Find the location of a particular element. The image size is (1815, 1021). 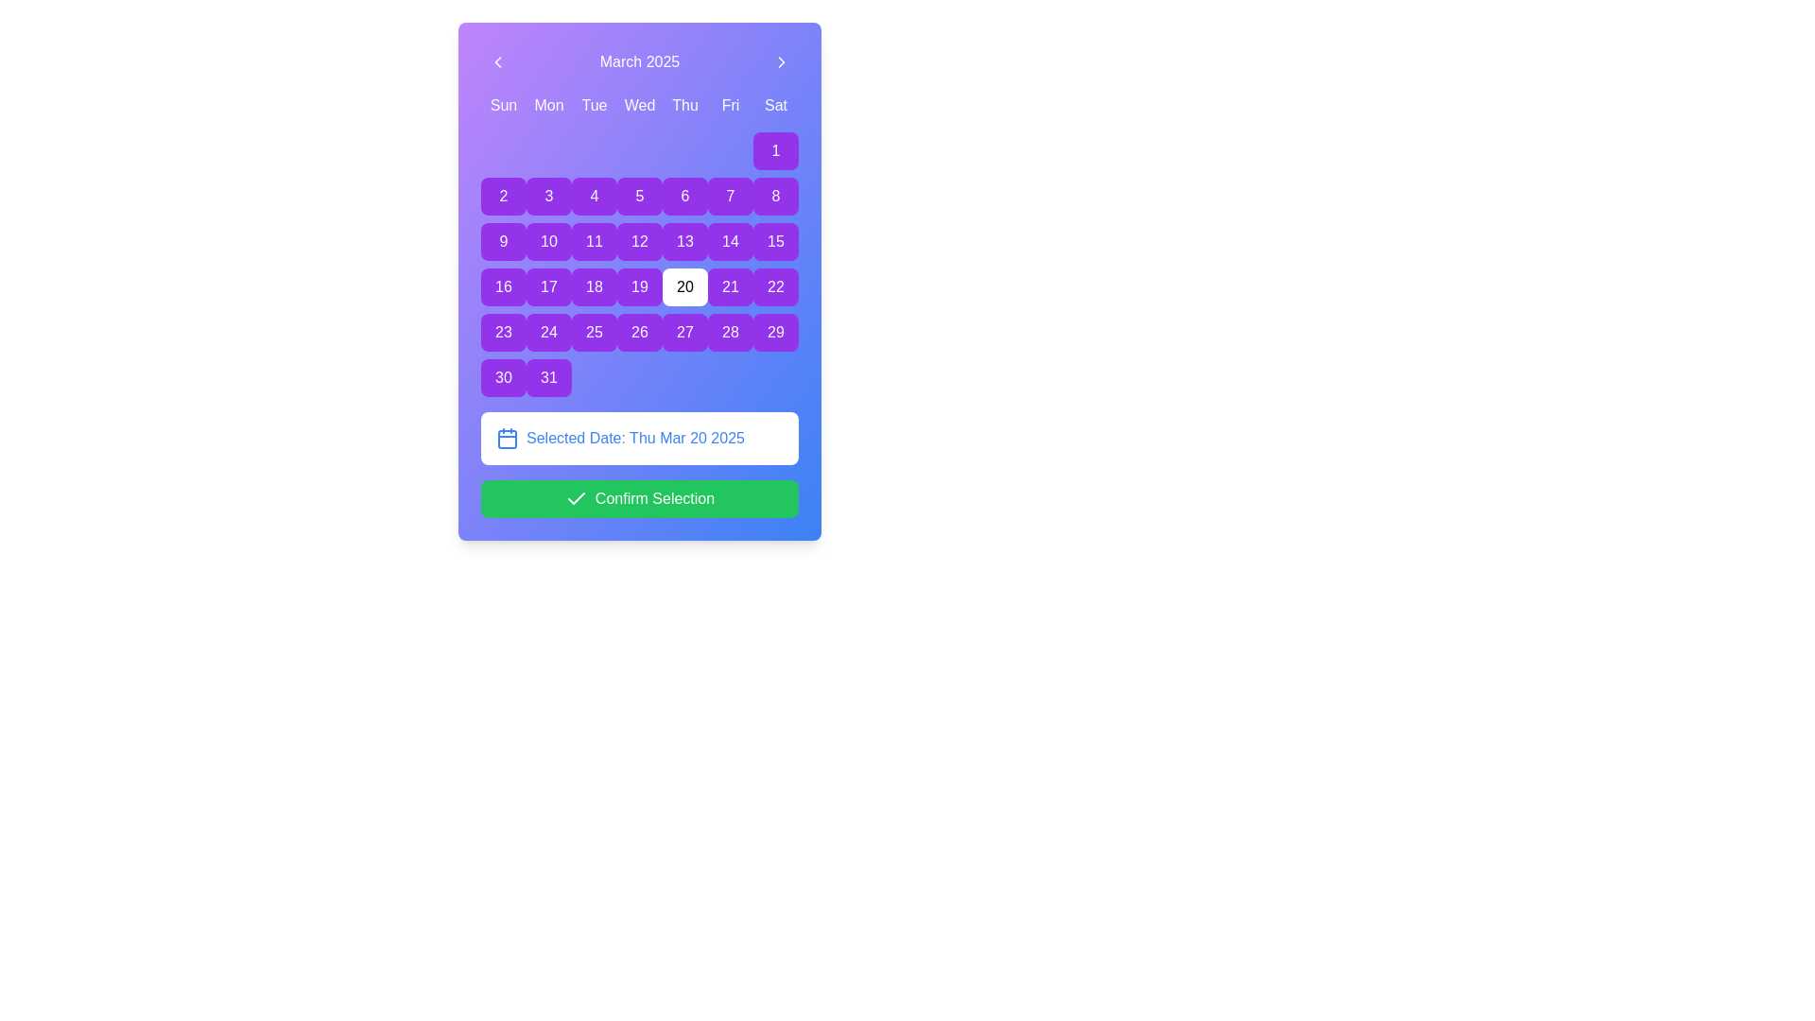

the button displaying the number '3' with a purple background for keyboard navigation is located at coordinates (547, 197).